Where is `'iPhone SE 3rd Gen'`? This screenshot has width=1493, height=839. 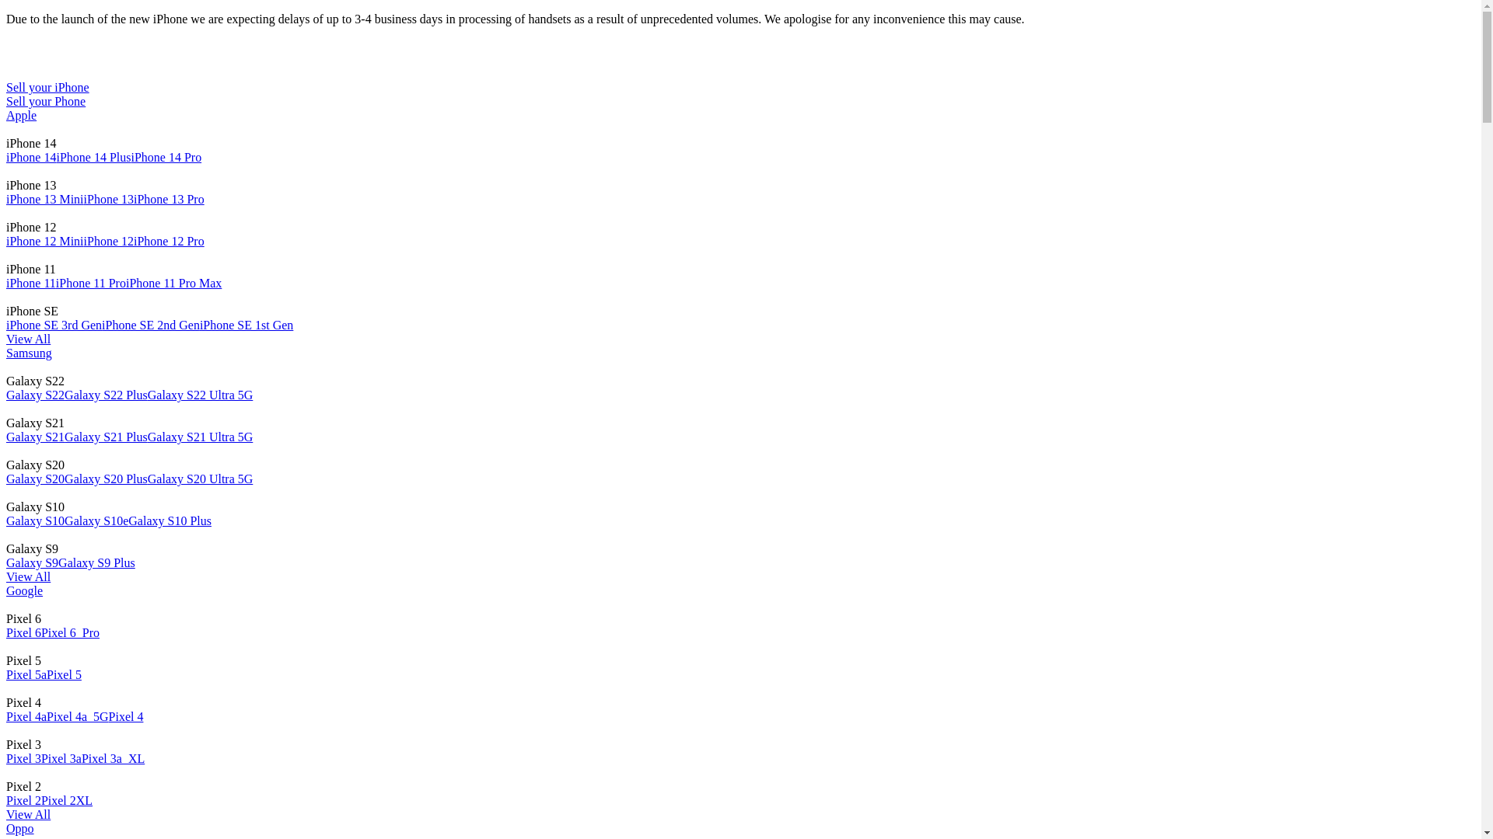 'iPhone SE 3rd Gen' is located at coordinates (54, 324).